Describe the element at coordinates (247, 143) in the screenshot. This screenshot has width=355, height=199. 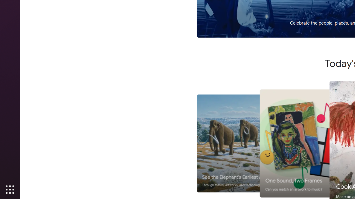
I see `'See the Elephant'` at that location.